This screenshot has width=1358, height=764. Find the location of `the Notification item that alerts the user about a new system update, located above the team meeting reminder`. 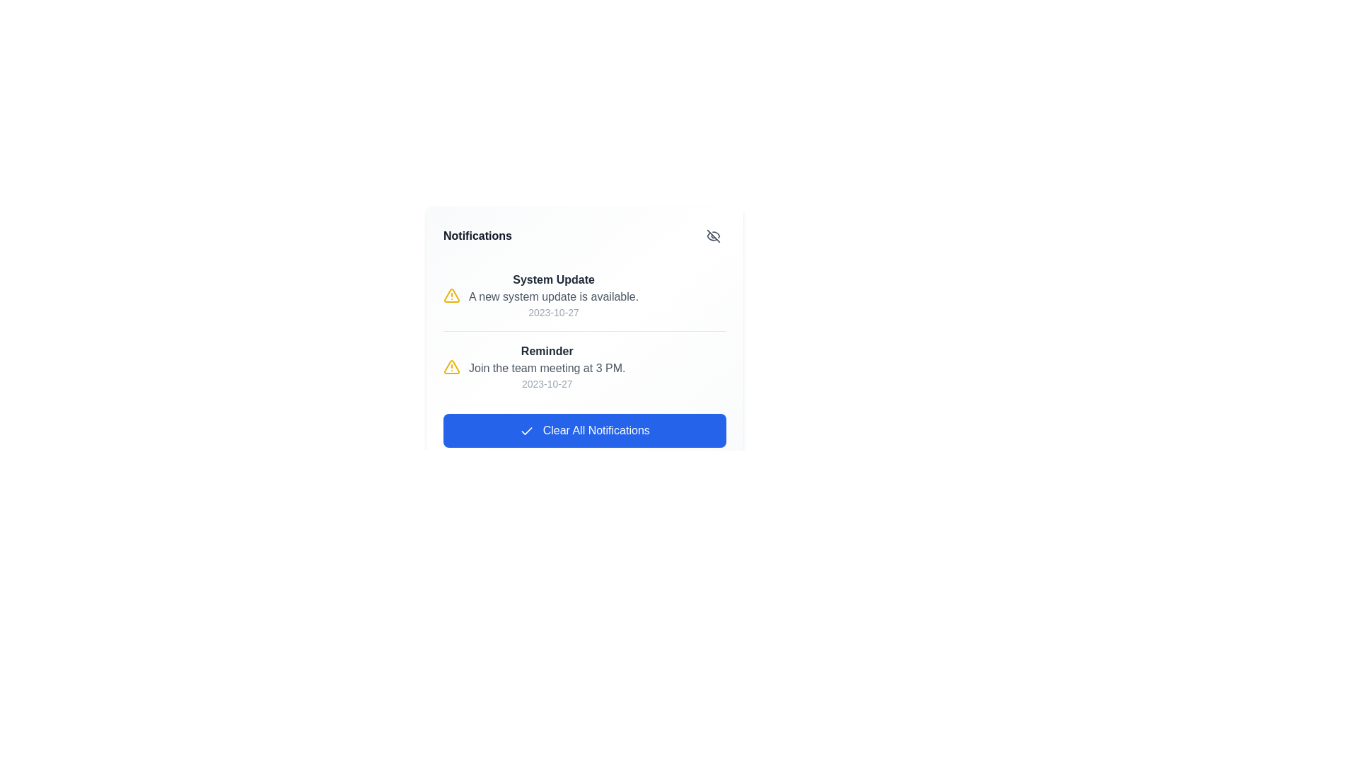

the Notification item that alerts the user about a new system update, located above the team meeting reminder is located at coordinates (584, 294).